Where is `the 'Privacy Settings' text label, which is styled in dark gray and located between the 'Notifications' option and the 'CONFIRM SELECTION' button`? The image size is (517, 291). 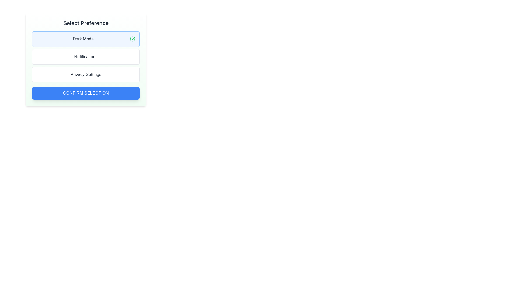
the 'Privacy Settings' text label, which is styled in dark gray and located between the 'Notifications' option and the 'CONFIRM SELECTION' button is located at coordinates (85, 75).